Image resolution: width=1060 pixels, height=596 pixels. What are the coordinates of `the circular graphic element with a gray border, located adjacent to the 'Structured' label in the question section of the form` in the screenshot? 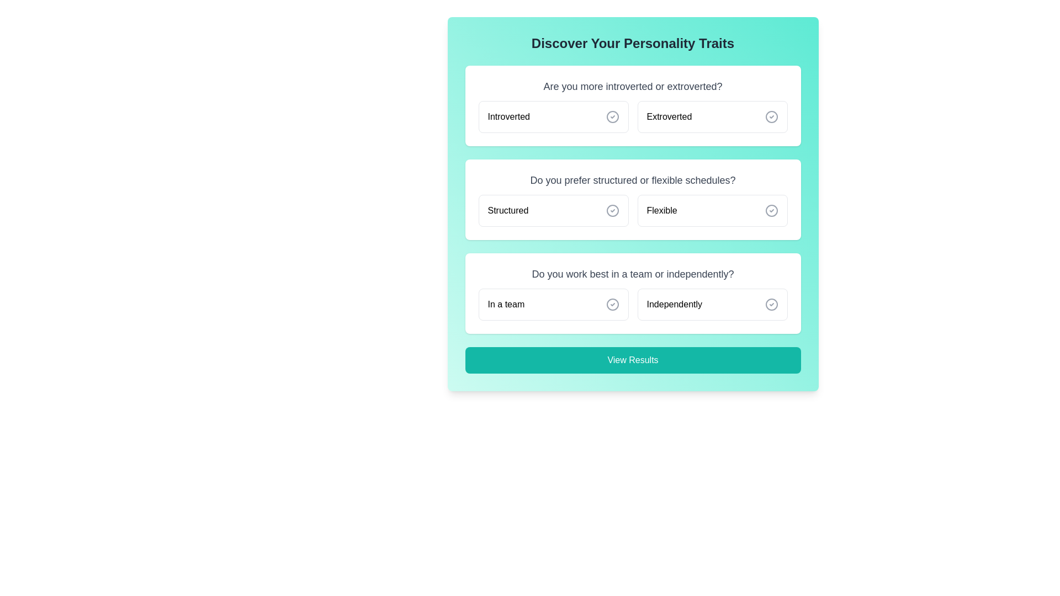 It's located at (612, 210).